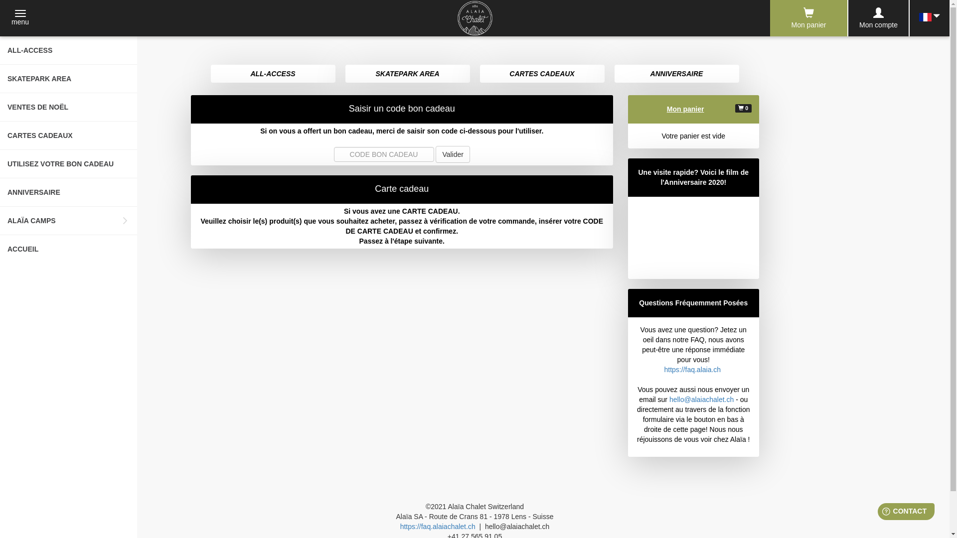 The image size is (957, 538). I want to click on 'ANNIVERSAIRE', so click(676, 73).